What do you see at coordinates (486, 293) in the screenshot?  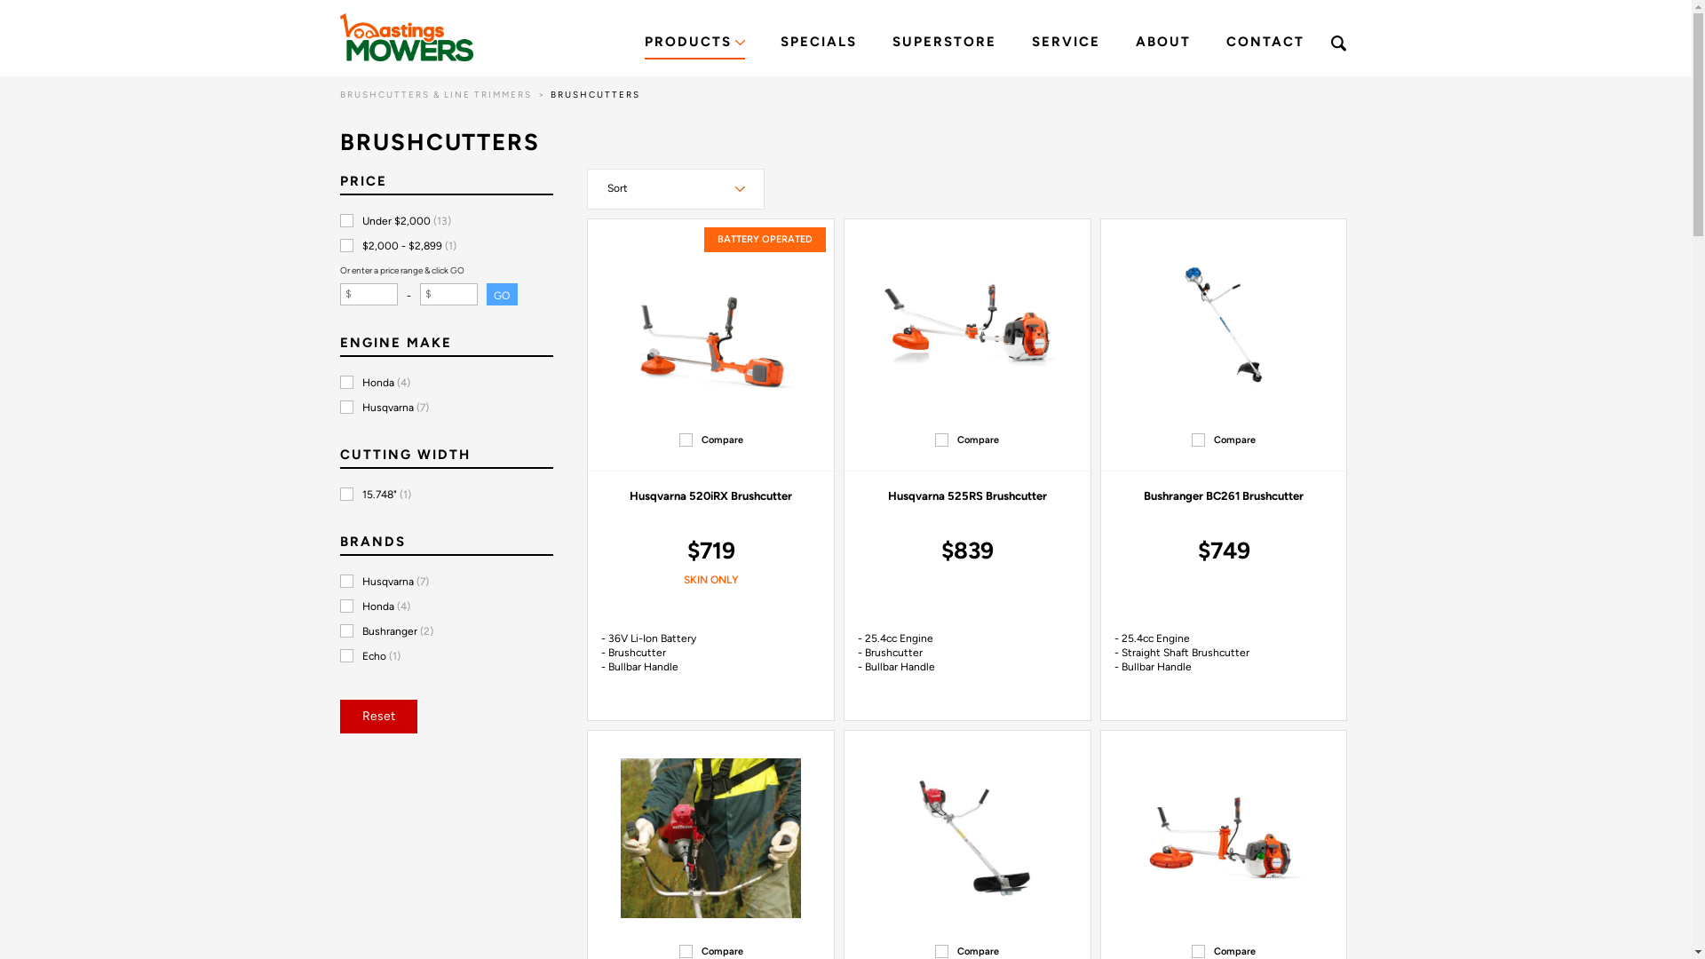 I see `'GO'` at bounding box center [486, 293].